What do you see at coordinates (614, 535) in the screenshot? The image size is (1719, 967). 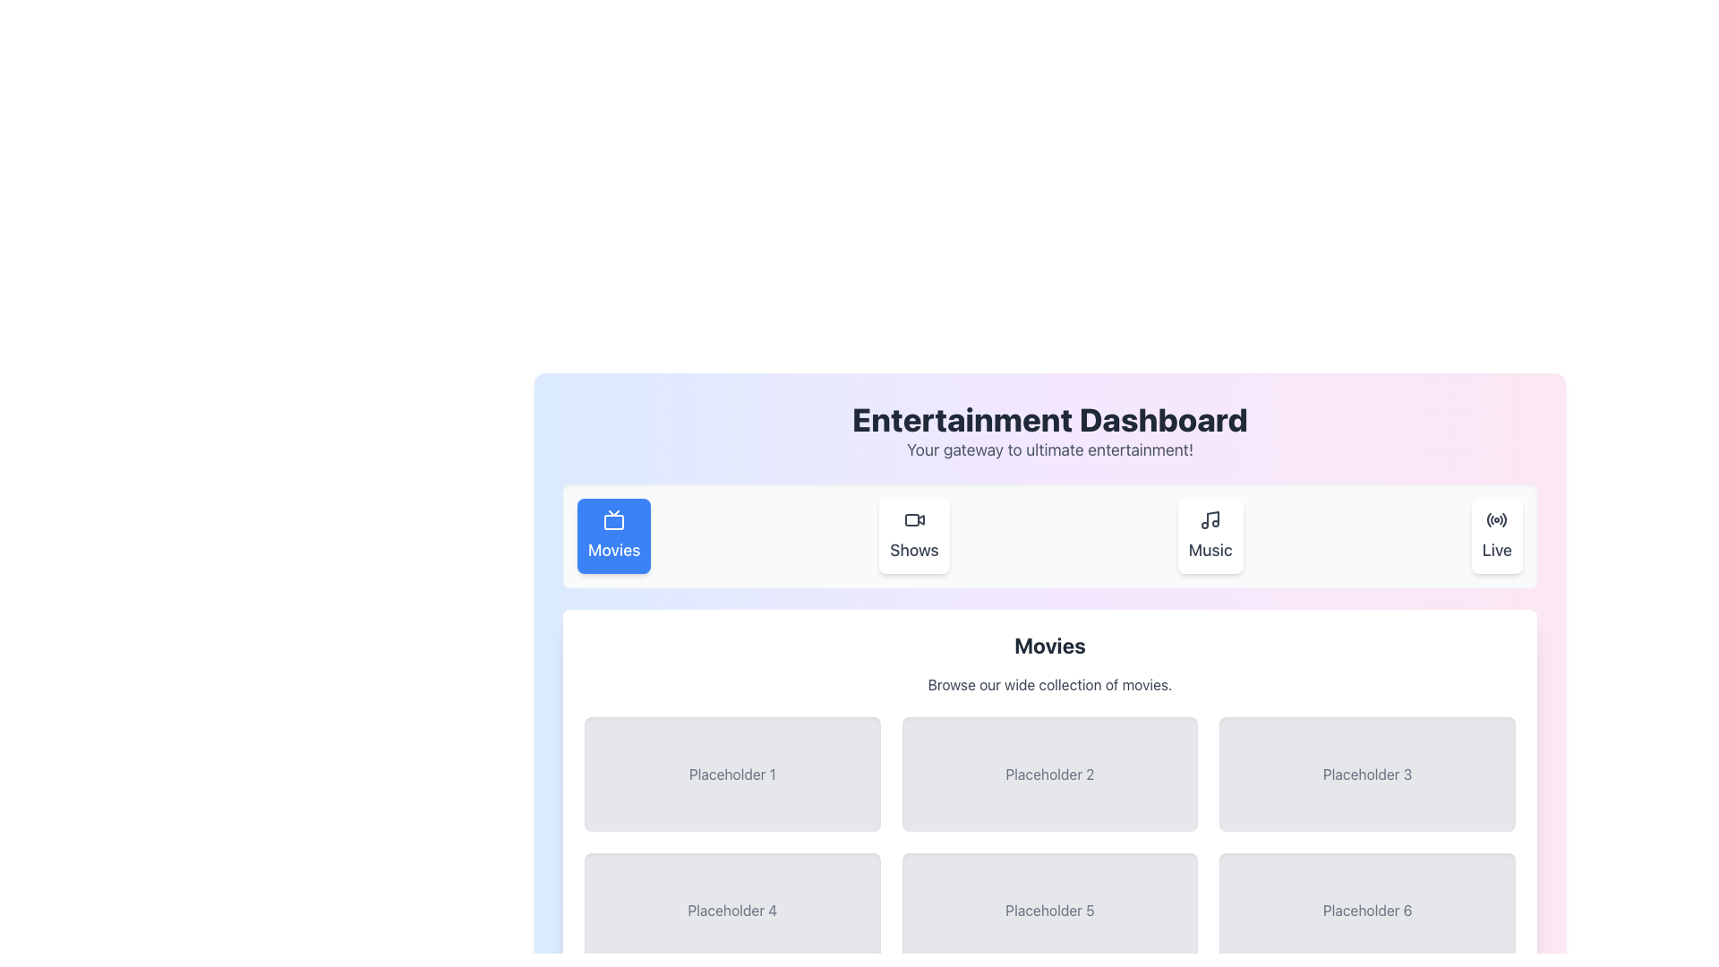 I see `the navigation button for Movies, which is the left-most option` at bounding box center [614, 535].